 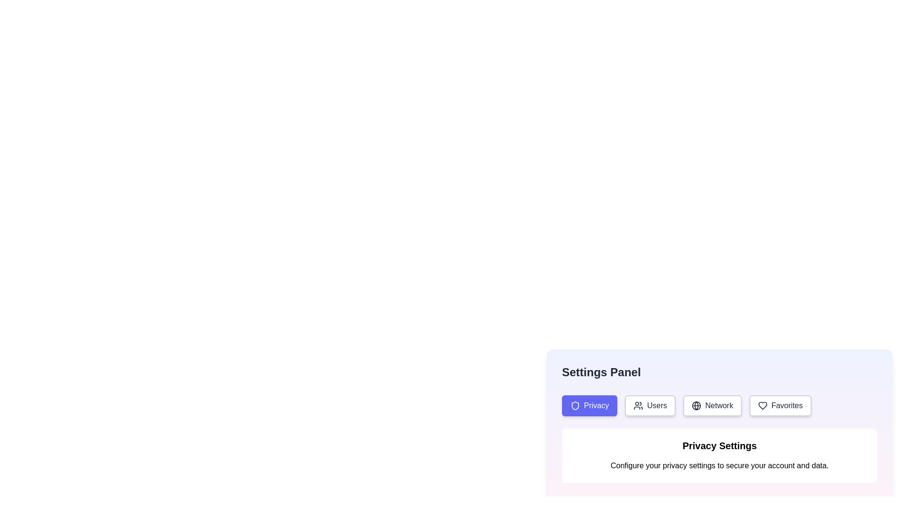 I want to click on the third button in the navigation bar located at the top of the 'Settings Panel', so click(x=719, y=406).